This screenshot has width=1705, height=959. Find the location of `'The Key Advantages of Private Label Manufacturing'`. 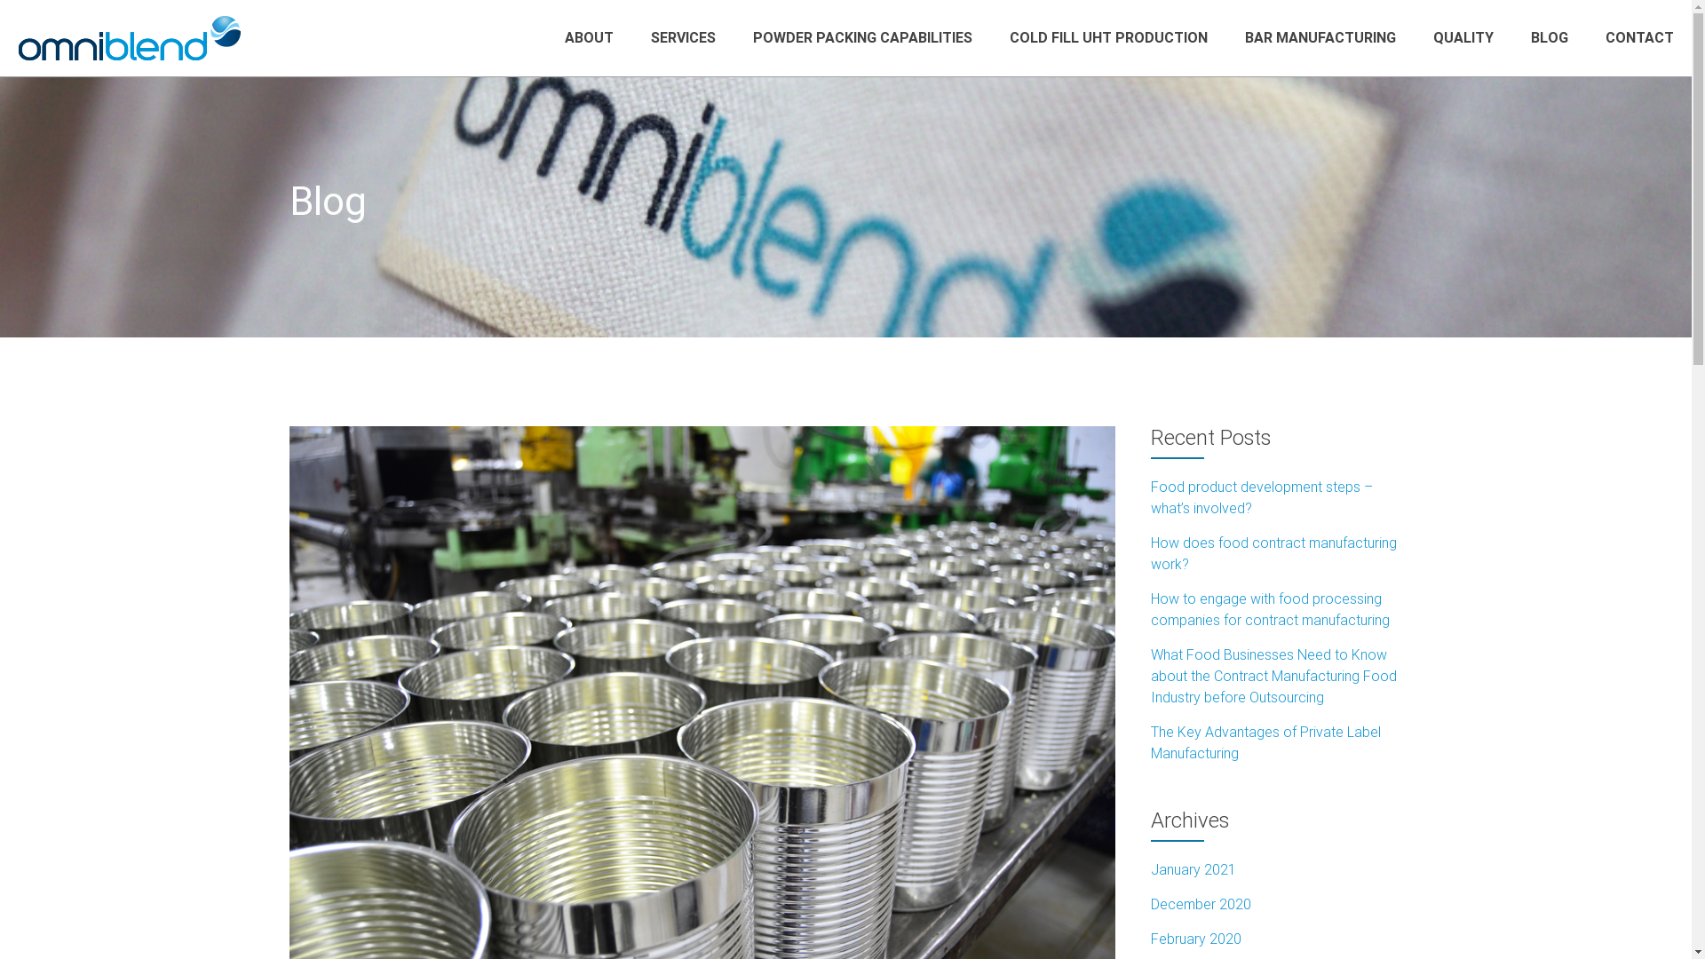

'The Key Advantages of Private Label Manufacturing' is located at coordinates (1265, 742).